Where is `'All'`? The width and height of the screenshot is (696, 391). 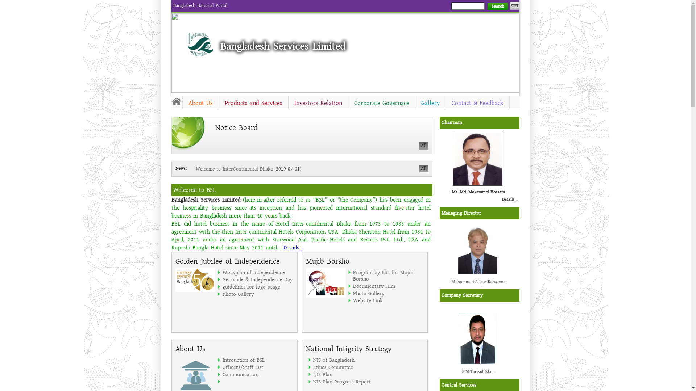
'All' is located at coordinates (424, 146).